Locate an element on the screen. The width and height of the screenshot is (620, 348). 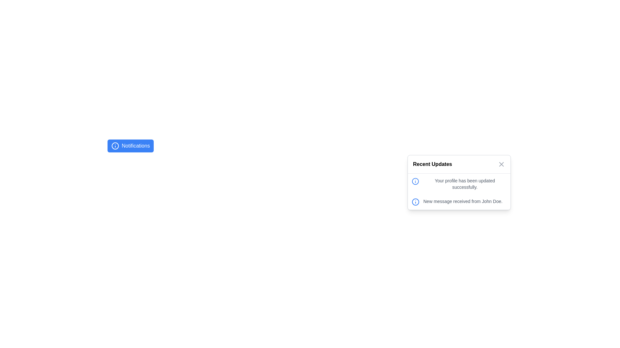
the decorative graphic circle element that represents an 'info' symbol within the 'Notifications' icon is located at coordinates (415, 181).